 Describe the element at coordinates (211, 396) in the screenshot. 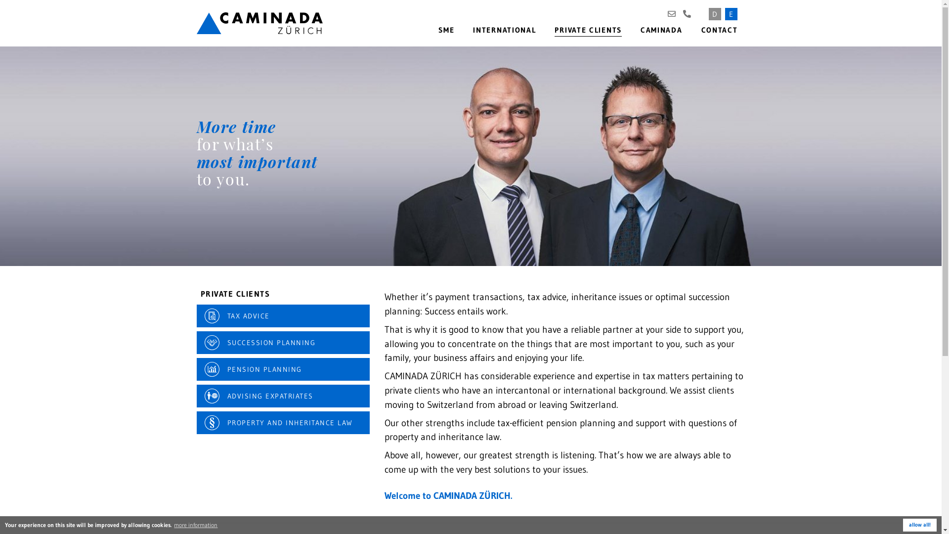

I see `'Advising expatriates'` at that location.